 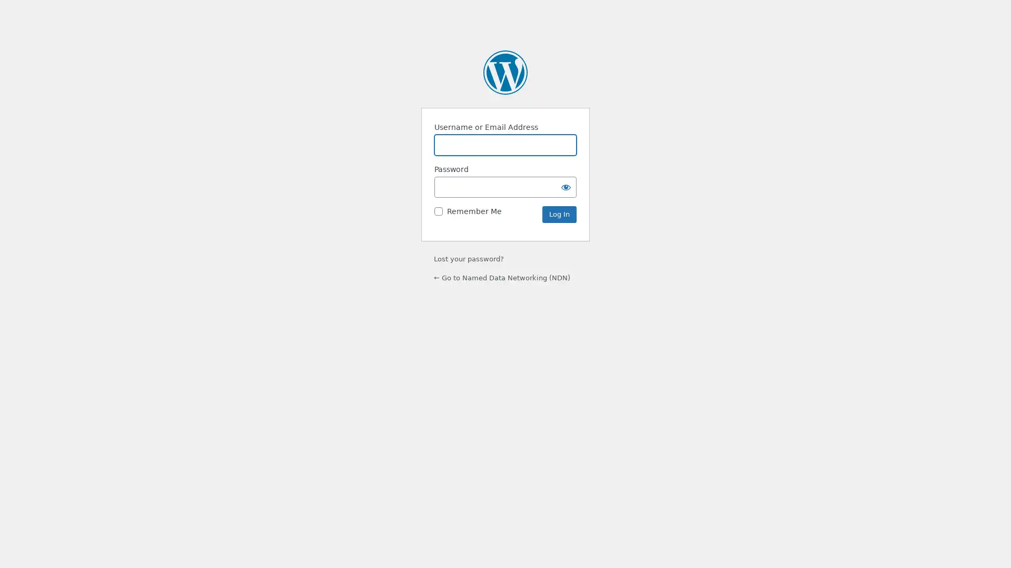 What do you see at coordinates (566, 186) in the screenshot?
I see `Show password` at bounding box center [566, 186].